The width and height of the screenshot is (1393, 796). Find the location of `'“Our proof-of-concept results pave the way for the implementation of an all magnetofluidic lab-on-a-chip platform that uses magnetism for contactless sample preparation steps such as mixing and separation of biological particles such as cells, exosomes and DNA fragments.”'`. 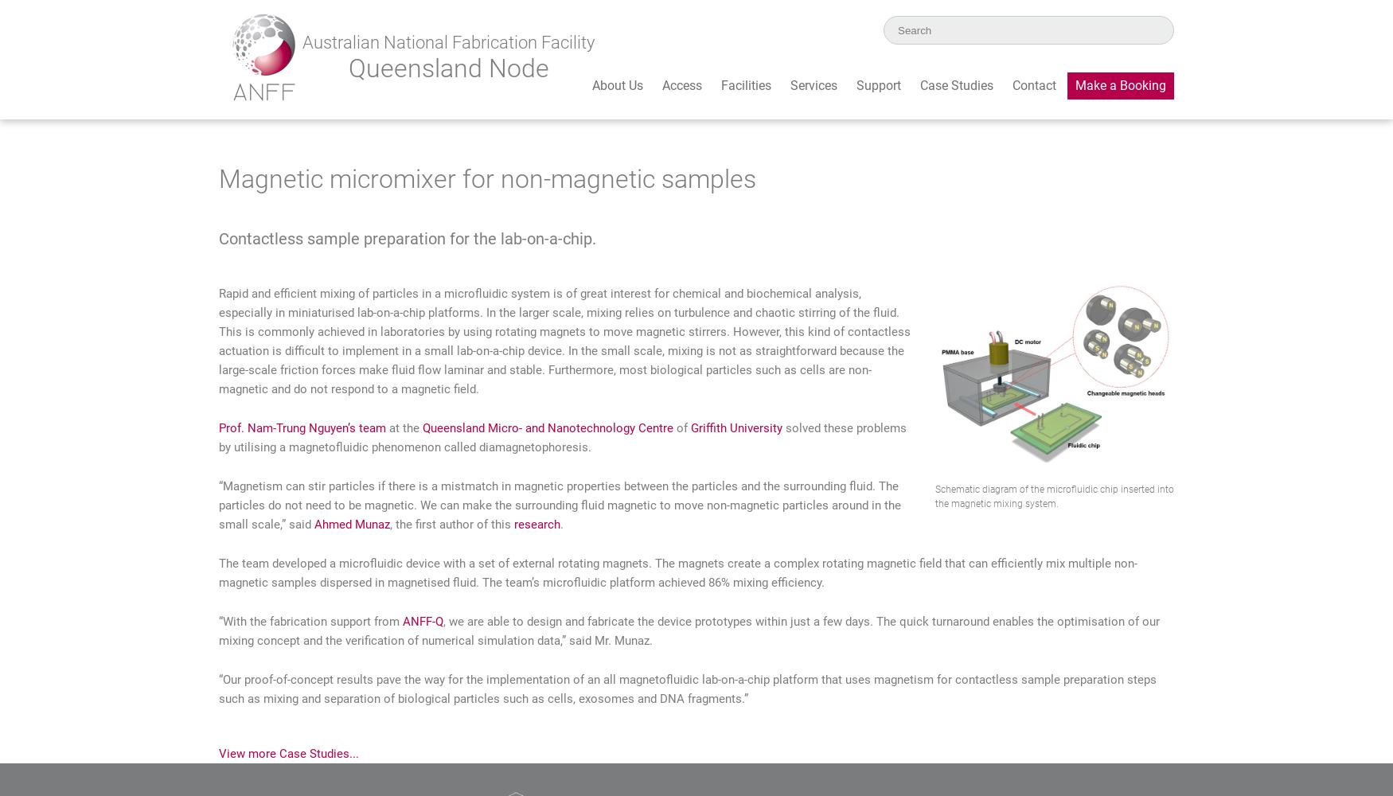

'“Our proof-of-concept results pave the way for the implementation of an all magnetofluidic lab-on-a-chip platform that uses magnetism for contactless sample preparation steps such as mixing and separation of biological particles such as cells, exosomes and DNA fragments.”' is located at coordinates (687, 688).